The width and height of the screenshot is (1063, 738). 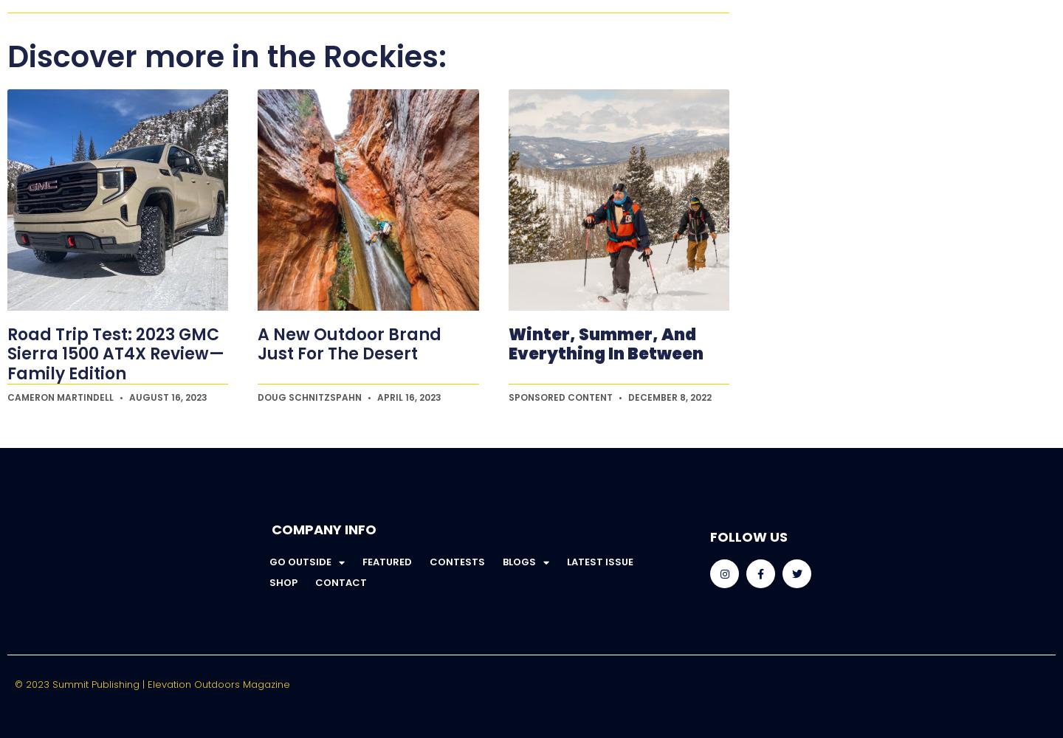 What do you see at coordinates (349, 343) in the screenshot?
I see `'A New Outdoor Brand Just for the Desert'` at bounding box center [349, 343].